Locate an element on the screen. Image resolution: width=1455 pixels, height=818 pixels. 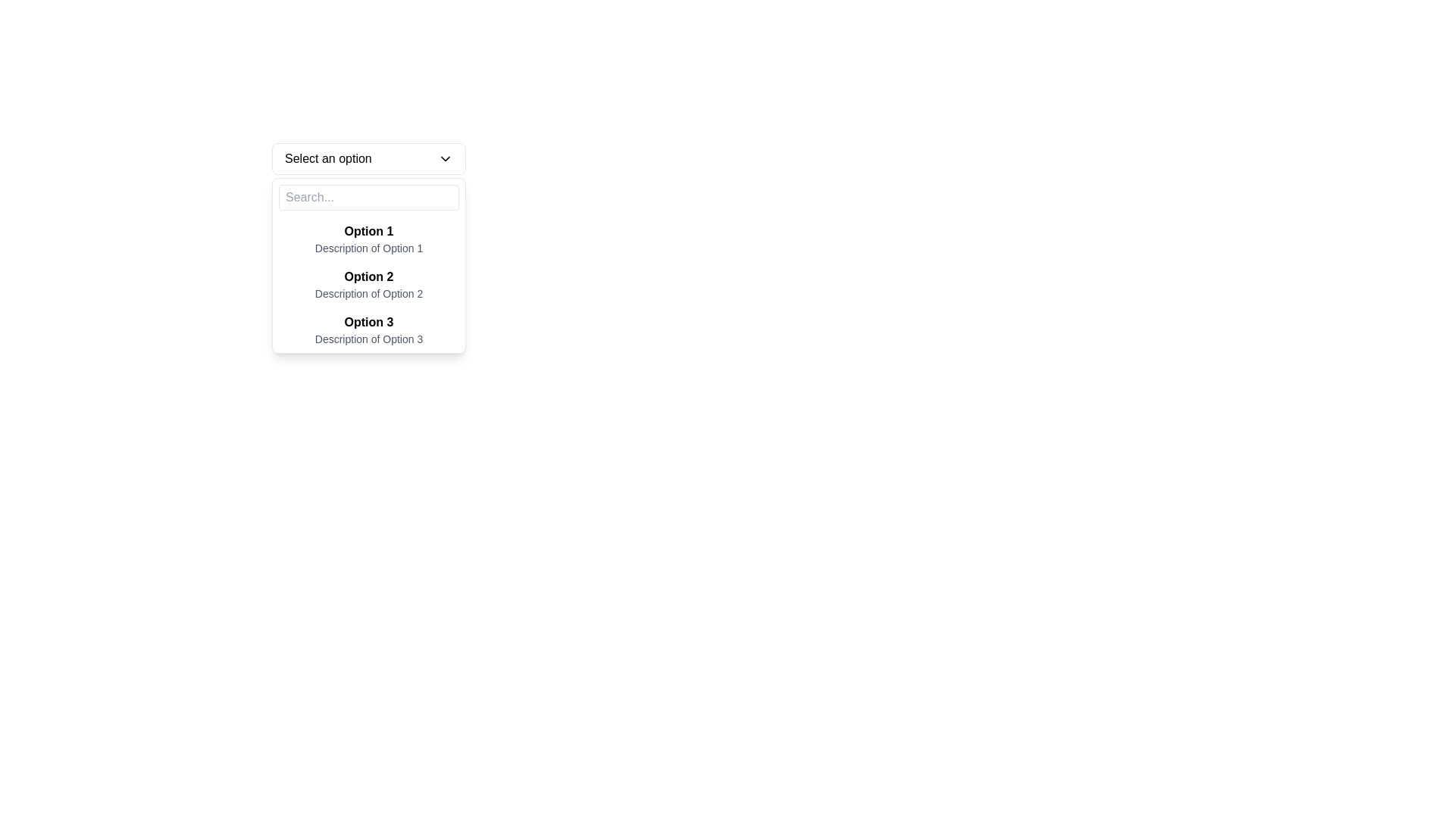
the third item in the dropdown menu, which represents 'Option 3' is located at coordinates (368, 329).